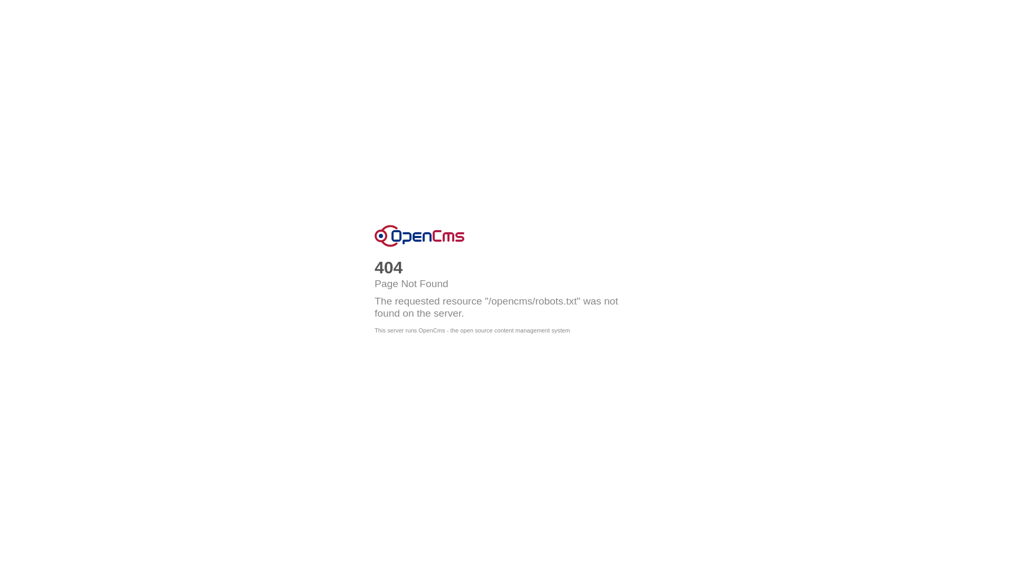  What do you see at coordinates (419, 235) in the screenshot?
I see `'OpenCms'` at bounding box center [419, 235].